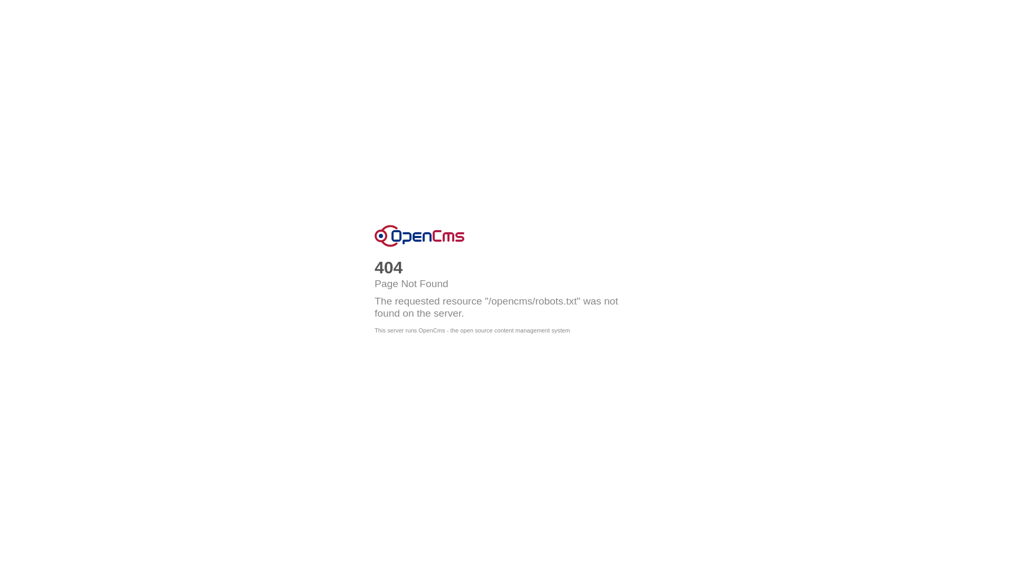  What do you see at coordinates (419, 235) in the screenshot?
I see `'OpenCms'` at bounding box center [419, 235].